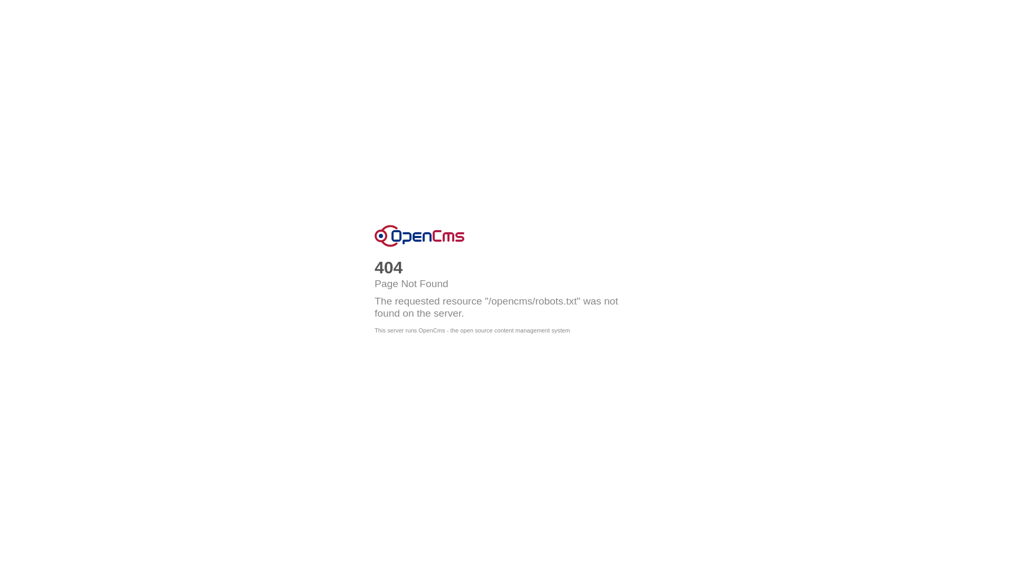  What do you see at coordinates (419, 235) in the screenshot?
I see `'OpenCms'` at bounding box center [419, 235].